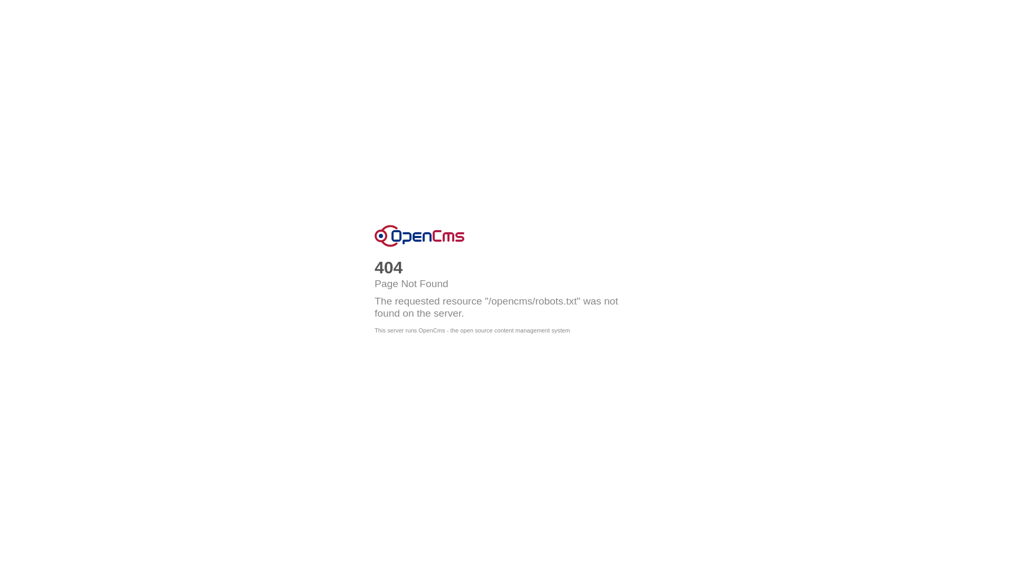  What do you see at coordinates (419, 235) in the screenshot?
I see `'OpenCms'` at bounding box center [419, 235].